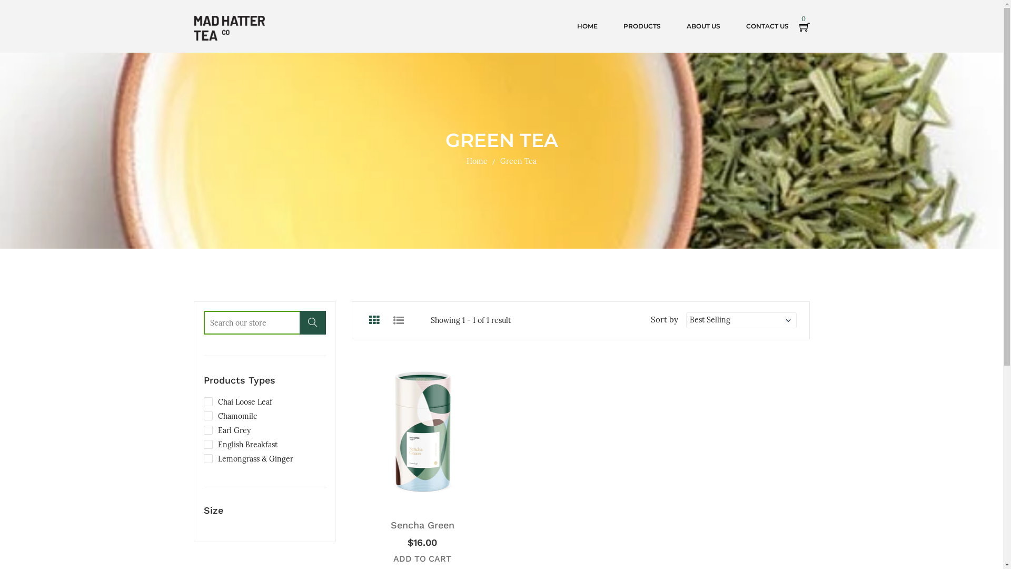 The image size is (1011, 569). Describe the element at coordinates (203, 416) in the screenshot. I see `'Chamomile'` at that location.